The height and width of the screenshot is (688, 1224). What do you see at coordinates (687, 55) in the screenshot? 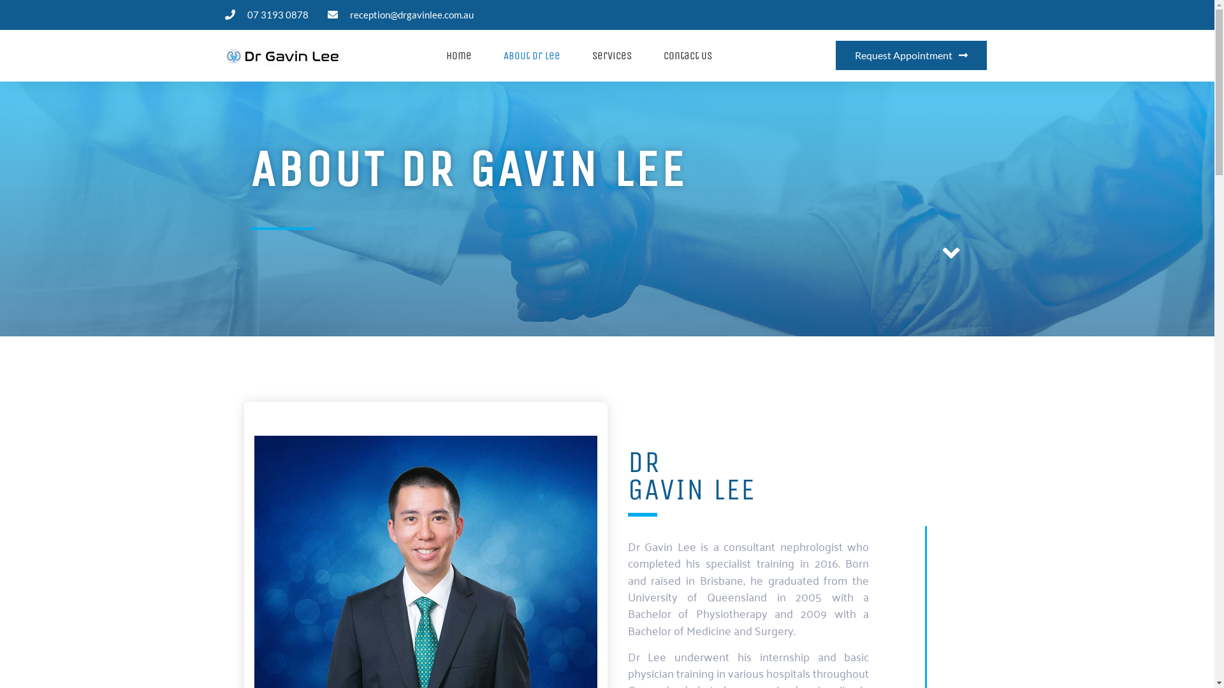
I see `'Contact Us'` at bounding box center [687, 55].